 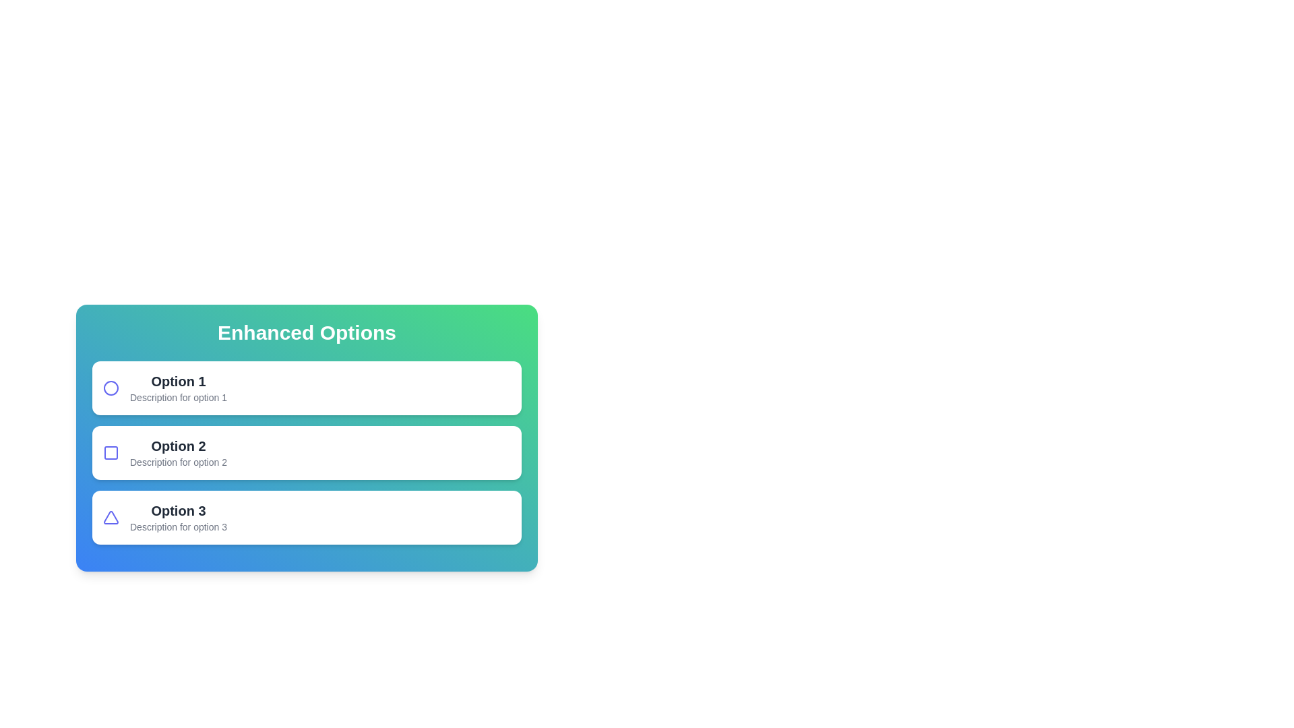 What do you see at coordinates (306, 452) in the screenshot?
I see `the checkbox in the 'Option 2' selectable option panel under 'Enhanced Options'` at bounding box center [306, 452].